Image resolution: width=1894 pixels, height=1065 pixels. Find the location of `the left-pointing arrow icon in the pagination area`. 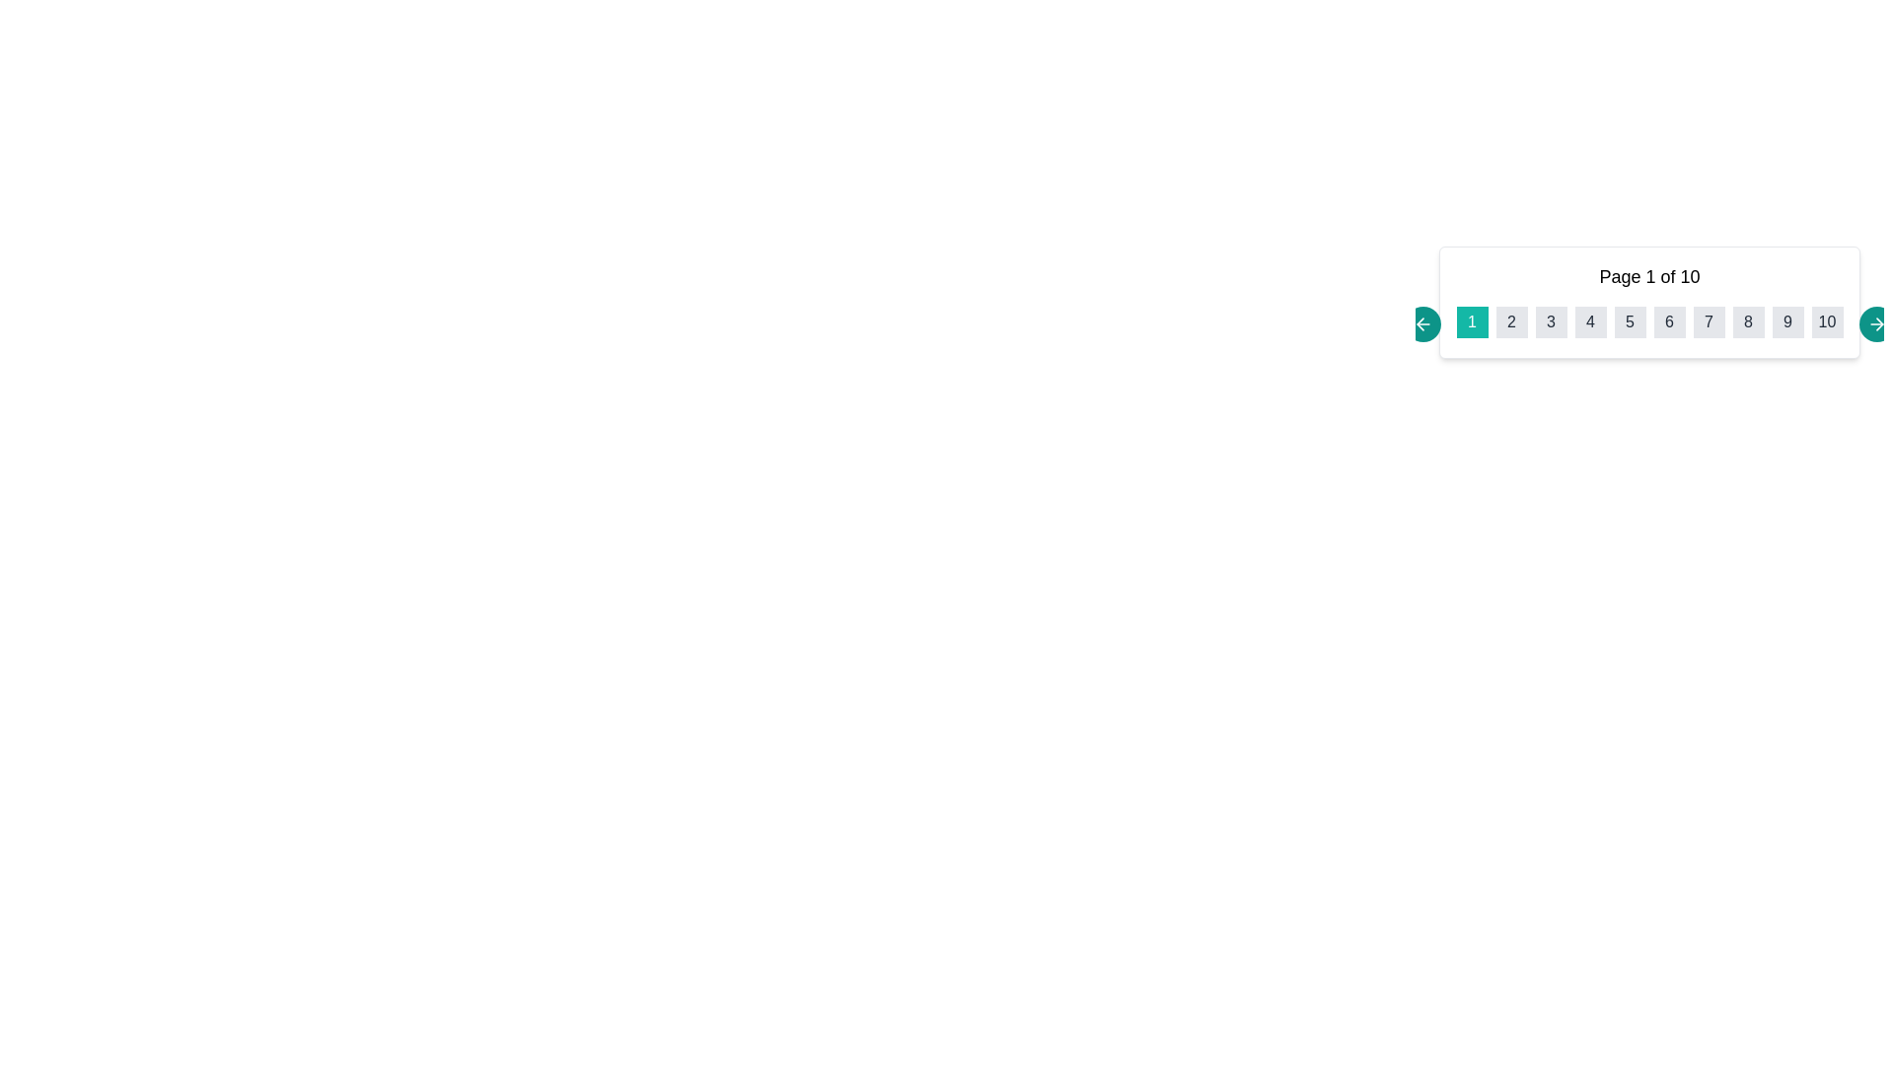

the left-pointing arrow icon in the pagination area is located at coordinates (1419, 322).